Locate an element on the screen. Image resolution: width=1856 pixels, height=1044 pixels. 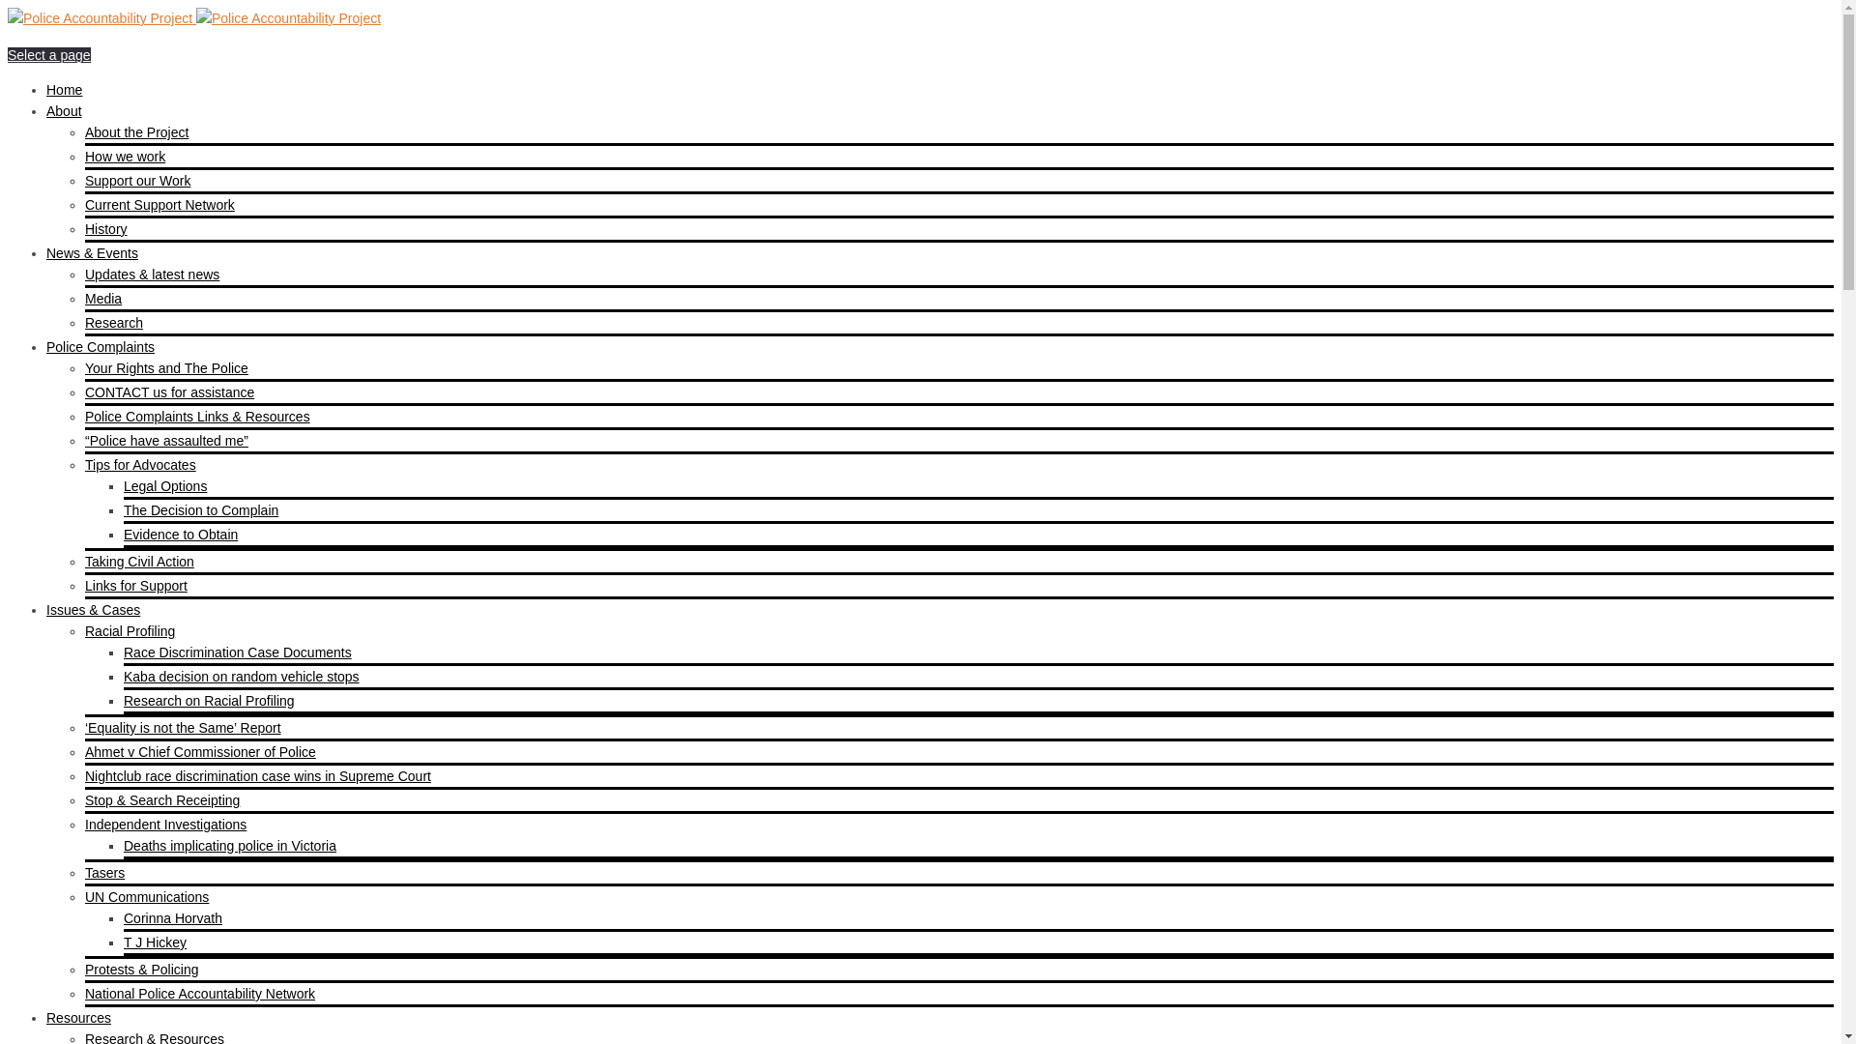
'Racial Profiling' is located at coordinates (129, 630).